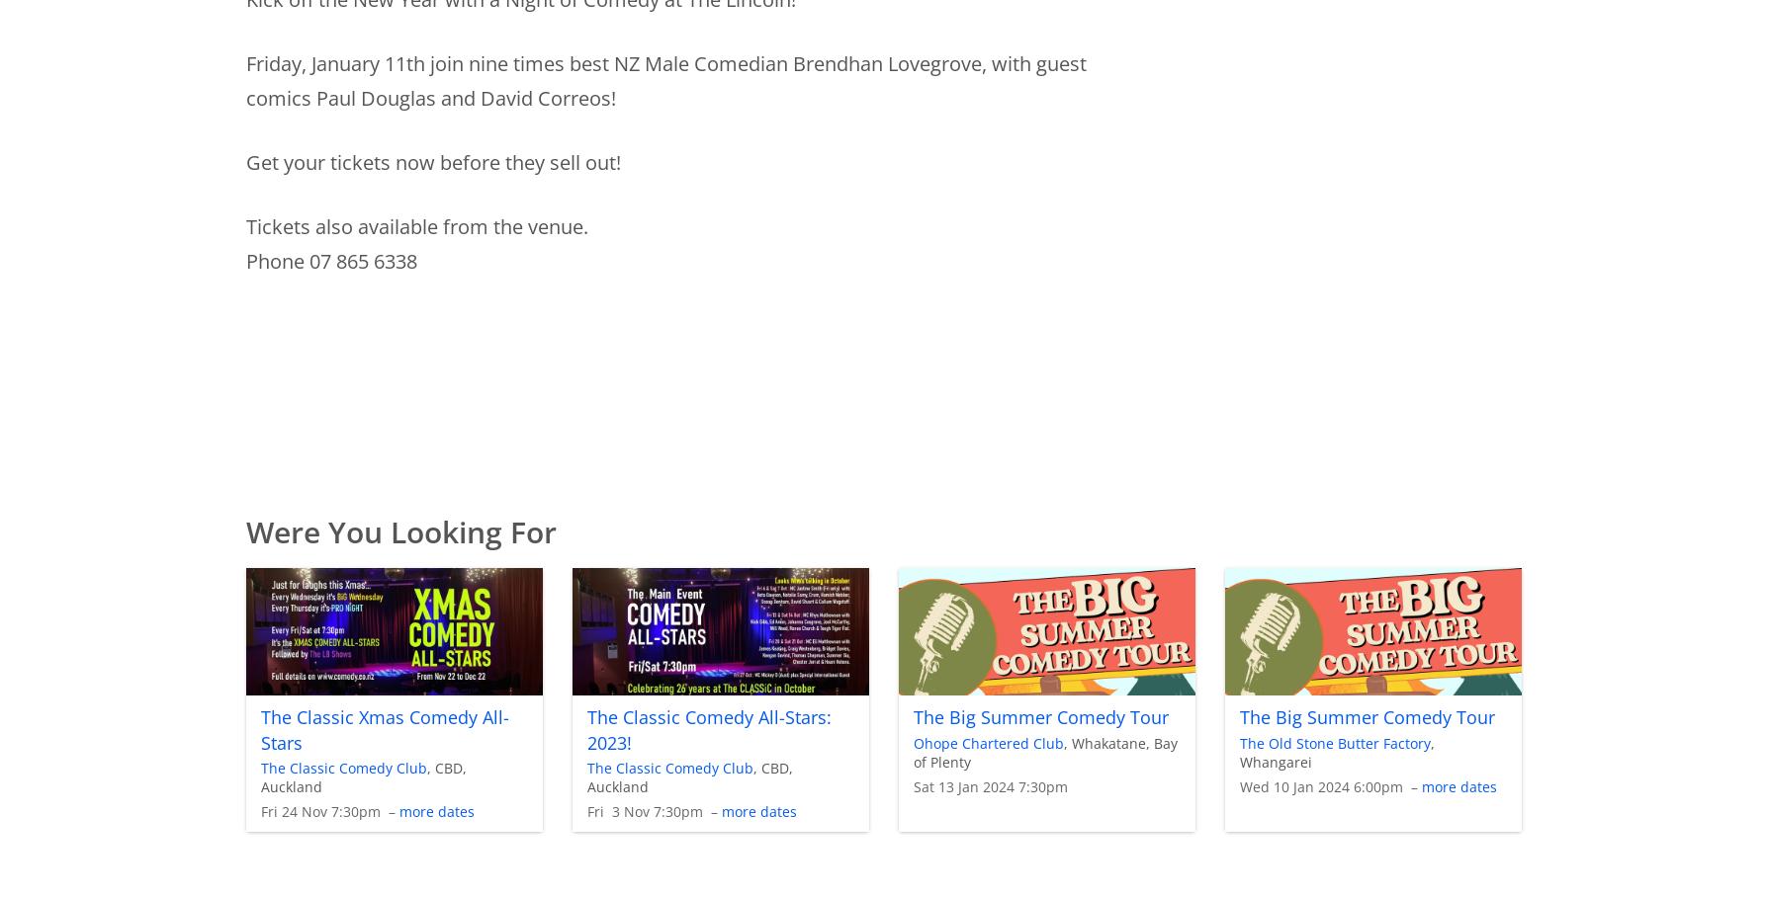  Describe the element at coordinates (584, 810) in the screenshot. I see `'Fri  3 Nov 7:30pm'` at that location.